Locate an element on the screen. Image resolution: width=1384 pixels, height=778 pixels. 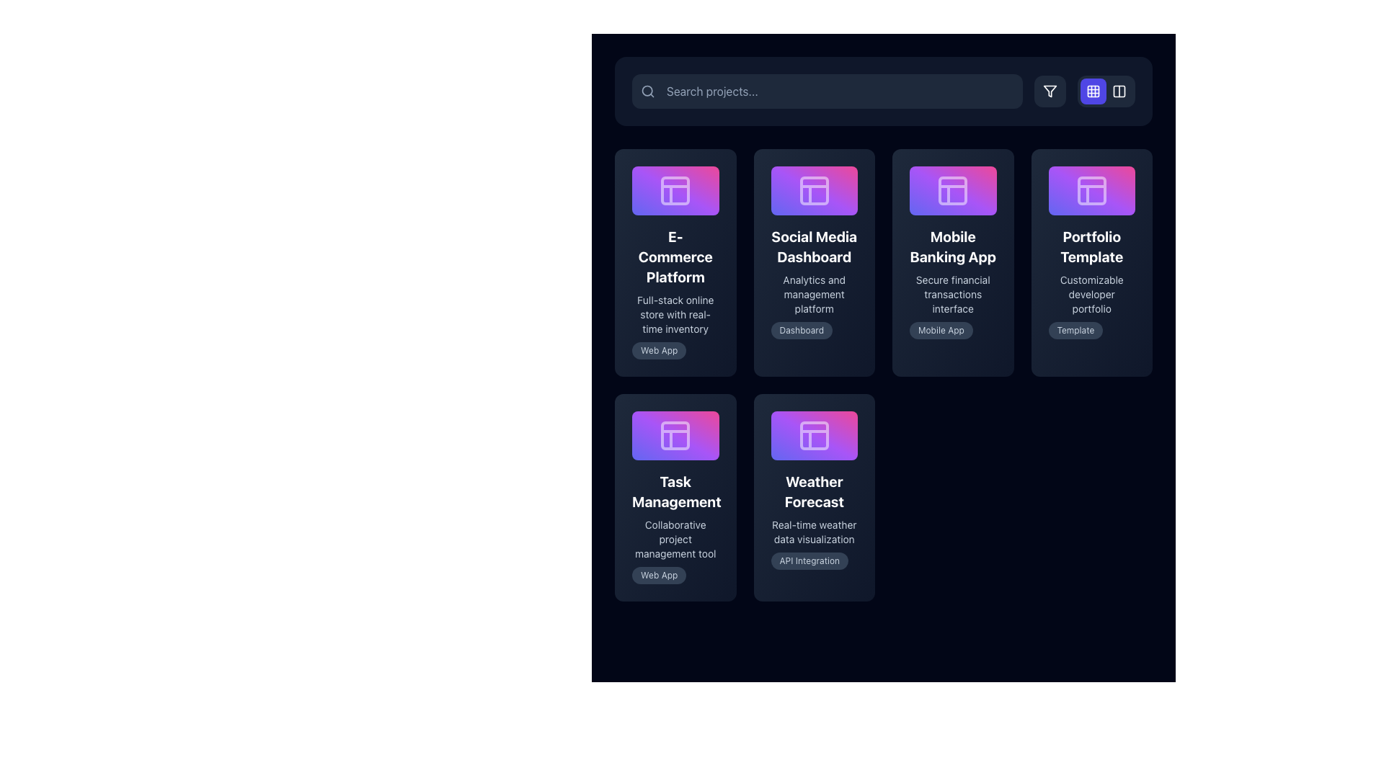
the filtering icon located is located at coordinates (1050, 91).